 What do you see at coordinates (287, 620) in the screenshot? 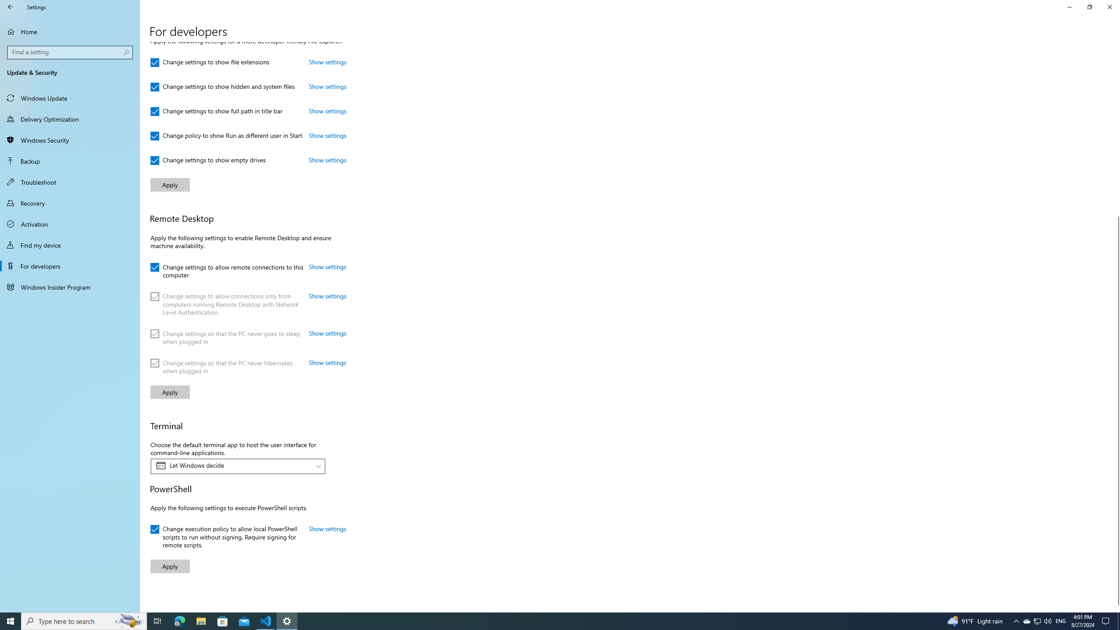
I see `'Settings - 1 running window'` at bounding box center [287, 620].